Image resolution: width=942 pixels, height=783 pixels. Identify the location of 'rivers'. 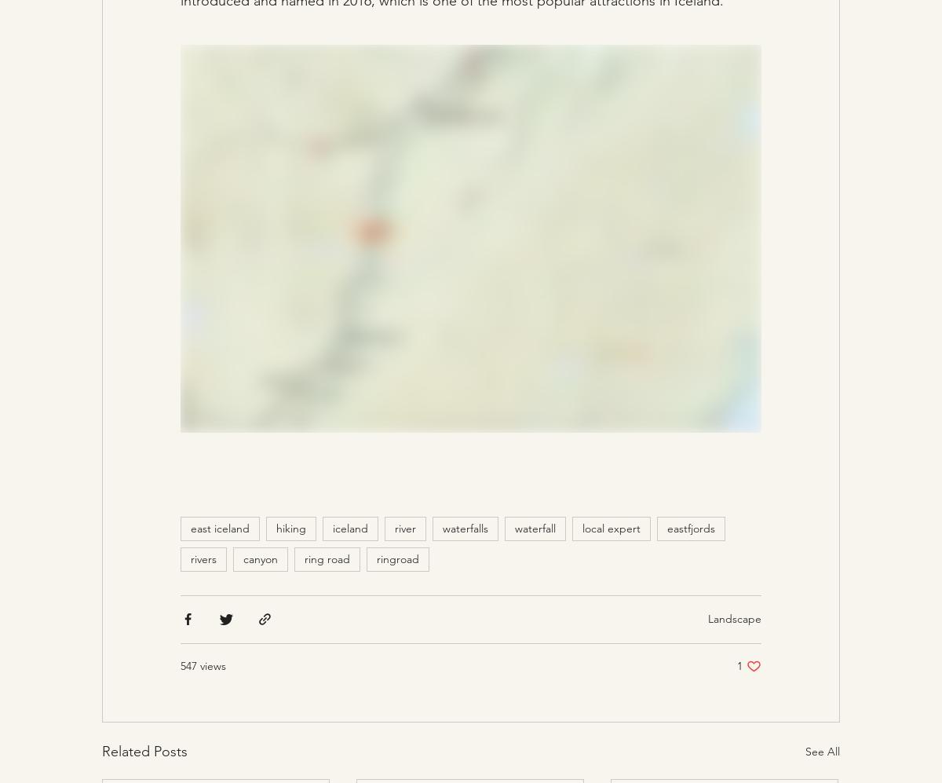
(190, 557).